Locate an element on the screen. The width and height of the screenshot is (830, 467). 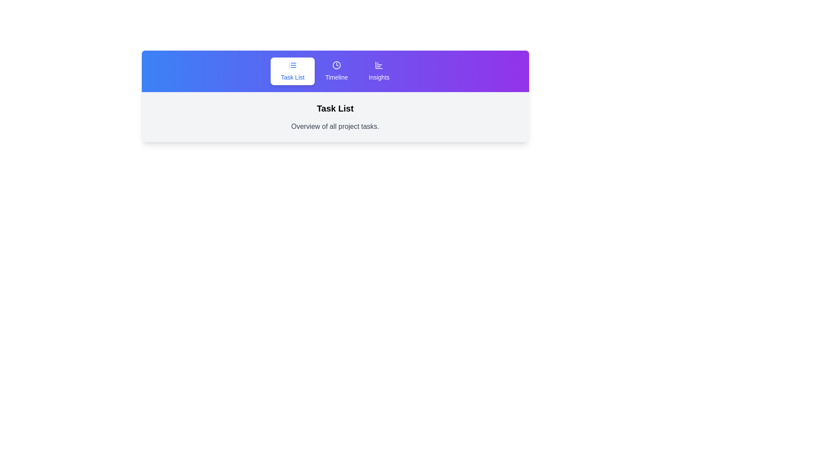
the Insights tab is located at coordinates (379, 71).